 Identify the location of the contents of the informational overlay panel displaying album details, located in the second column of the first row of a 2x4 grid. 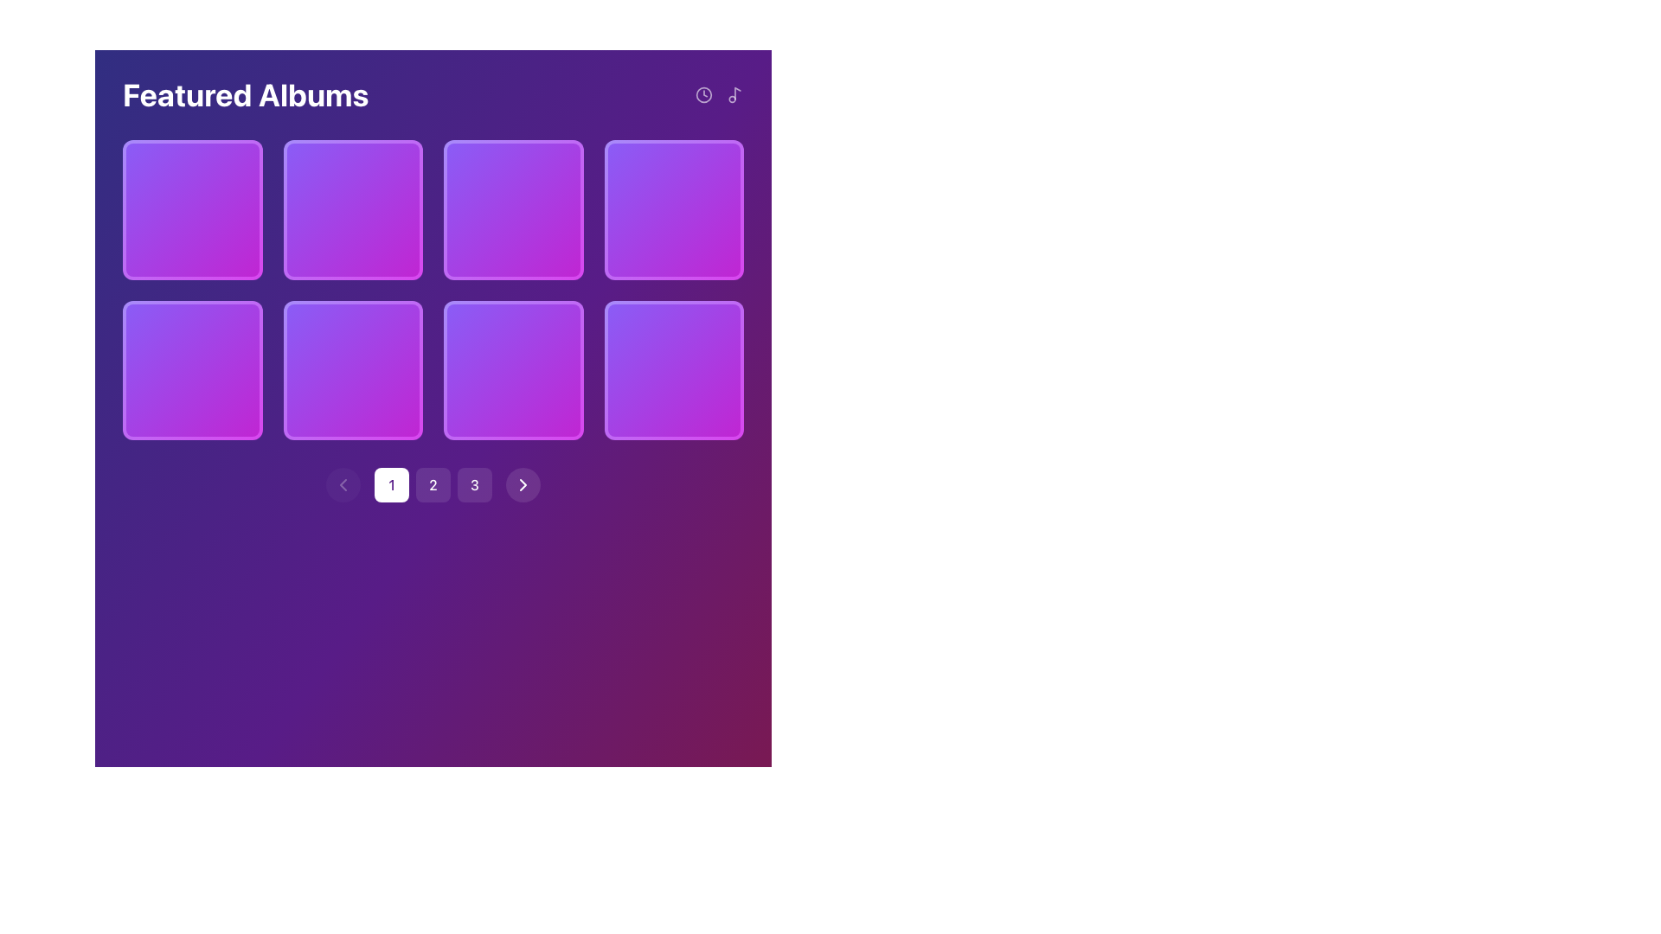
(352, 230).